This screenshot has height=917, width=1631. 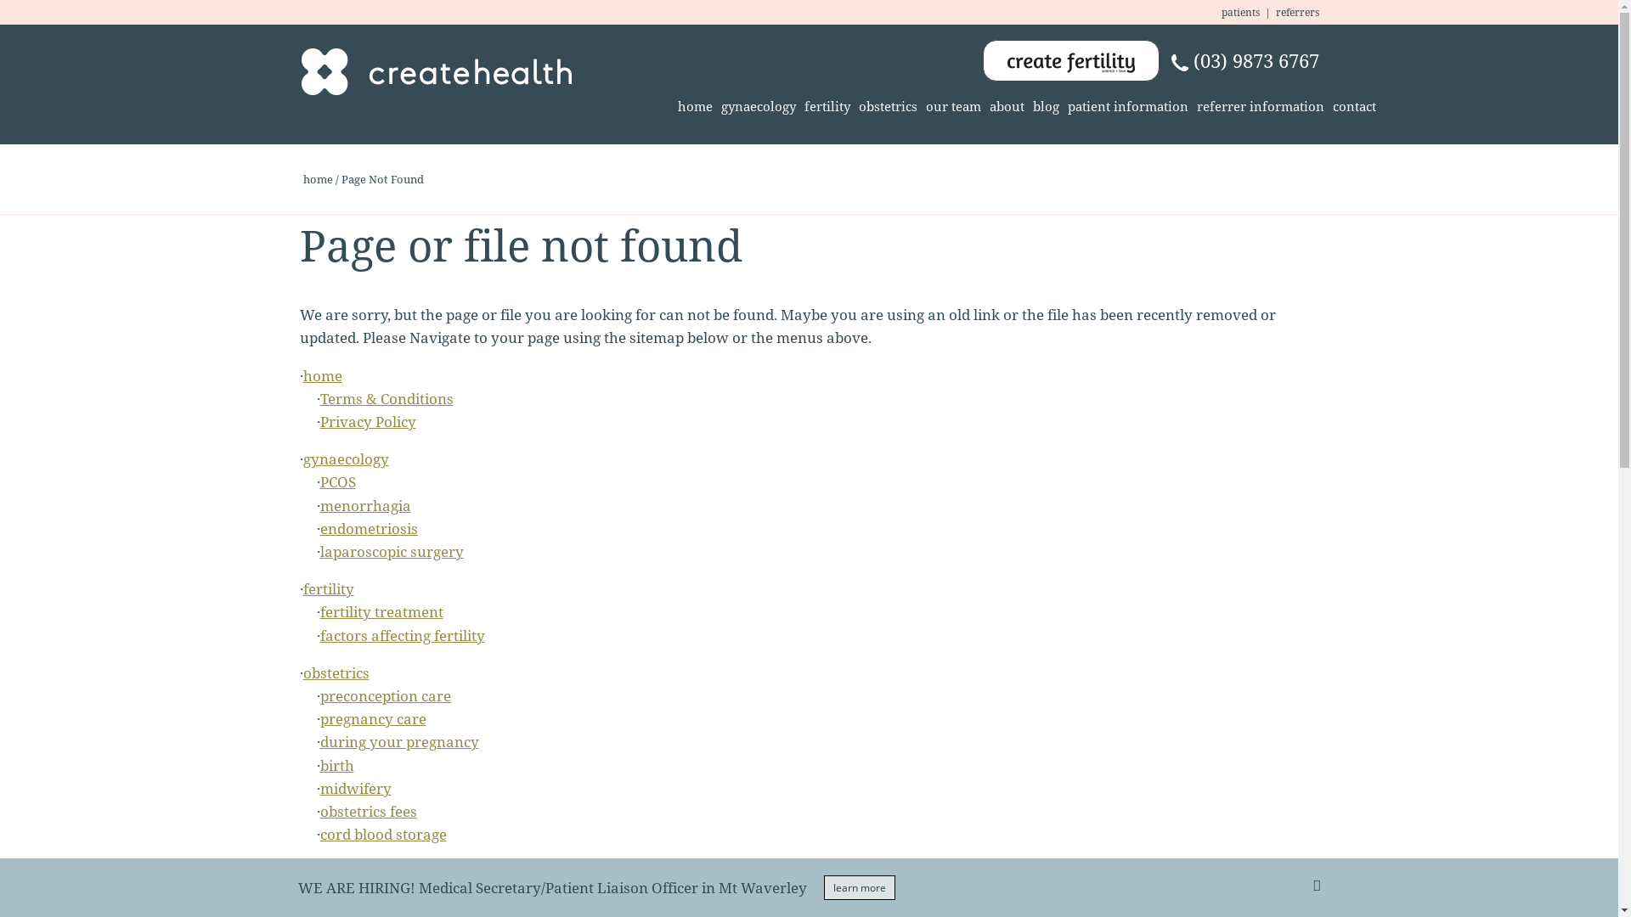 I want to click on 'patients', so click(x=1240, y=12).